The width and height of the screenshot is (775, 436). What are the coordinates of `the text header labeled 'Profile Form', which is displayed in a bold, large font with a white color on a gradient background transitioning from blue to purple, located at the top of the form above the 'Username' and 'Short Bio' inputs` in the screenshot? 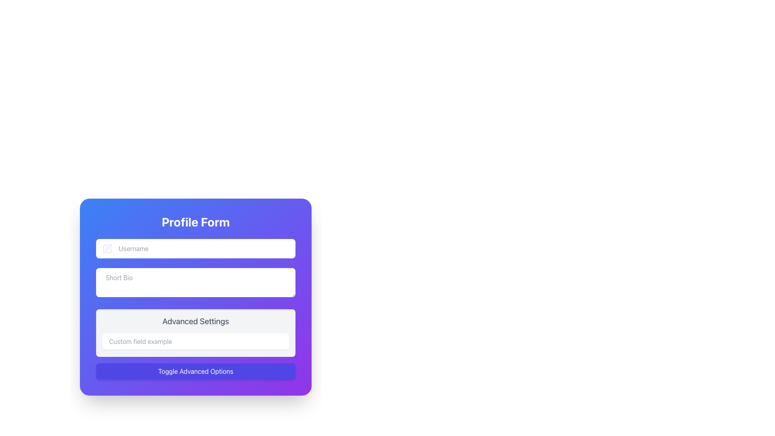 It's located at (195, 222).